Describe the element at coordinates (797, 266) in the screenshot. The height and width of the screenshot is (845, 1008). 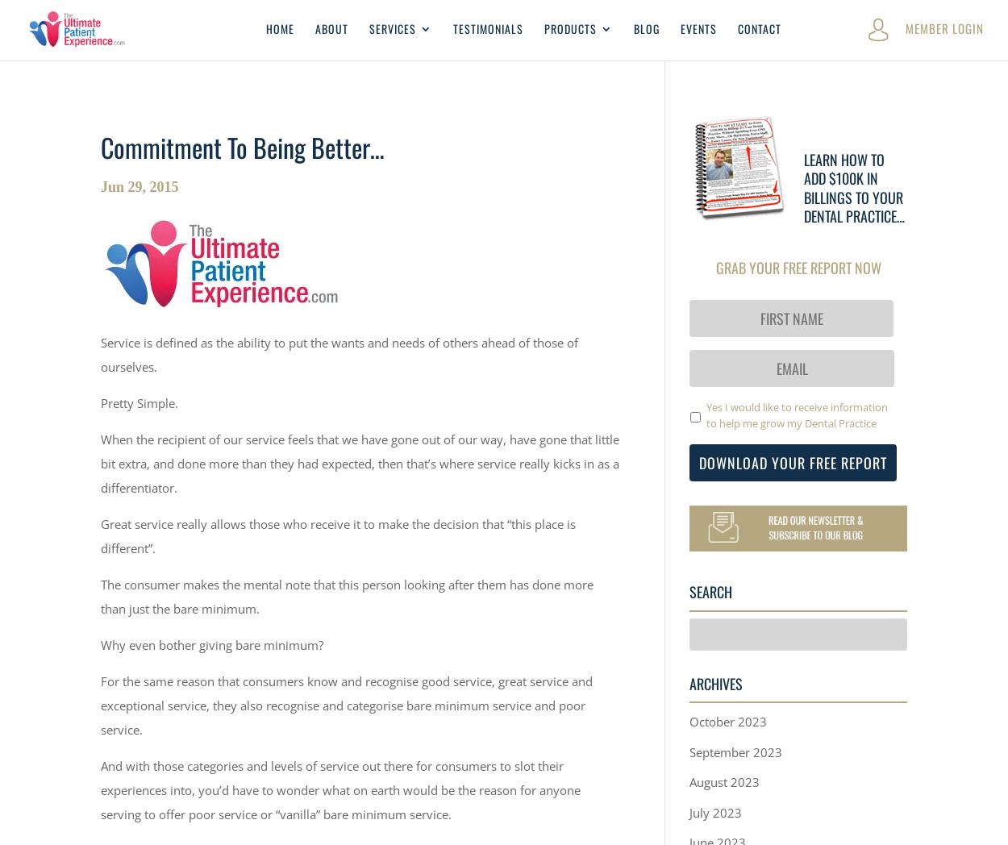
I see `'GRAB YOUR FREE REPORT NOW'` at that location.